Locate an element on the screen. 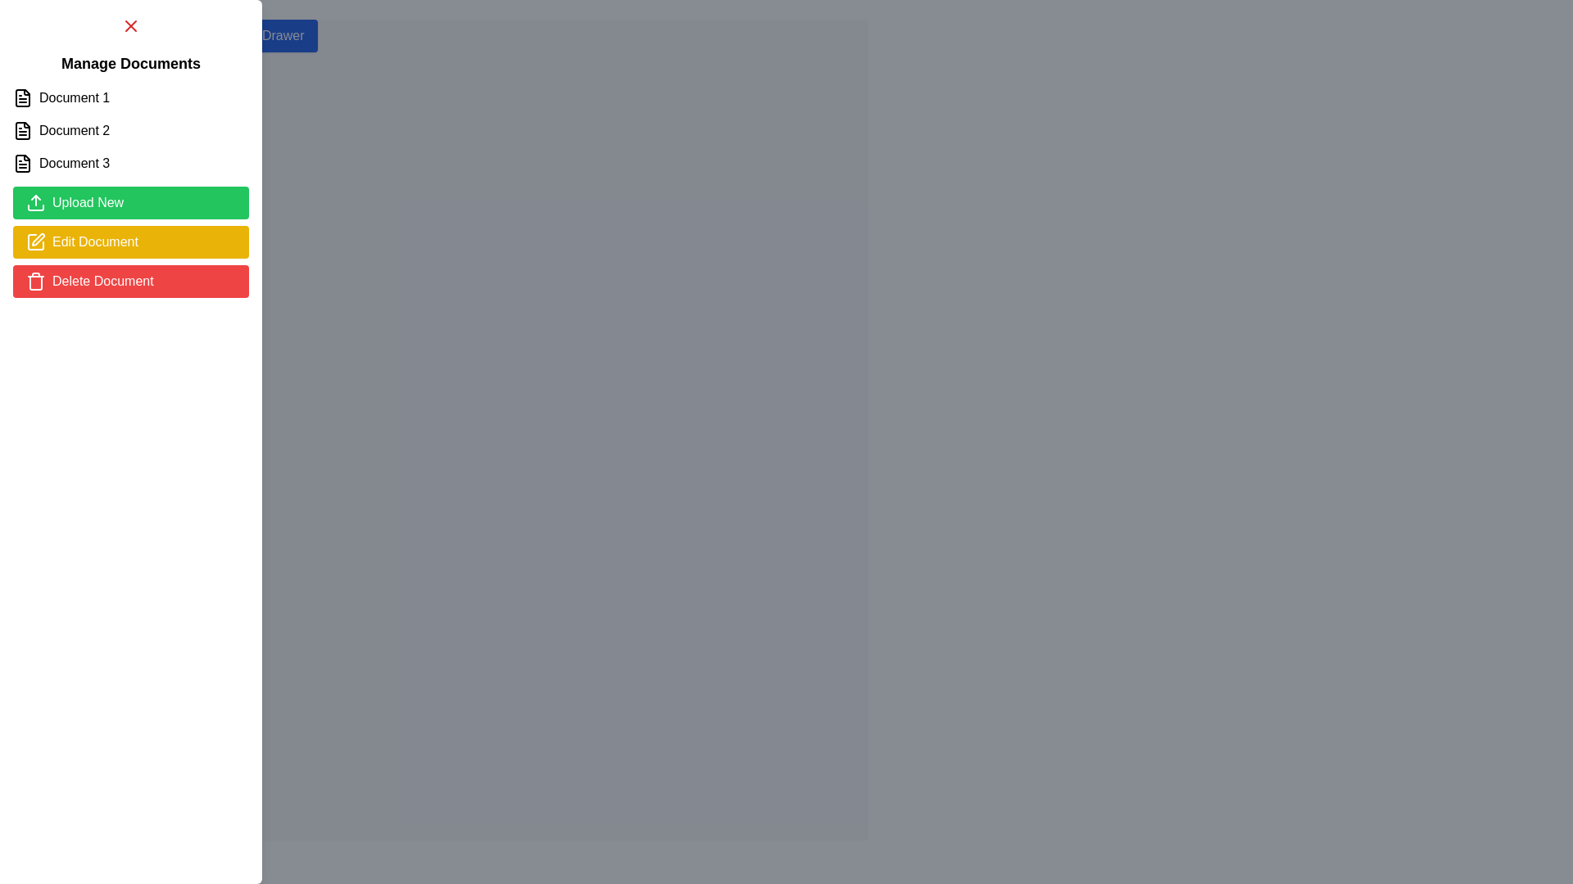  the second document list item in the 'Manage Documents' section, which is located above the document management buttons is located at coordinates (129, 129).